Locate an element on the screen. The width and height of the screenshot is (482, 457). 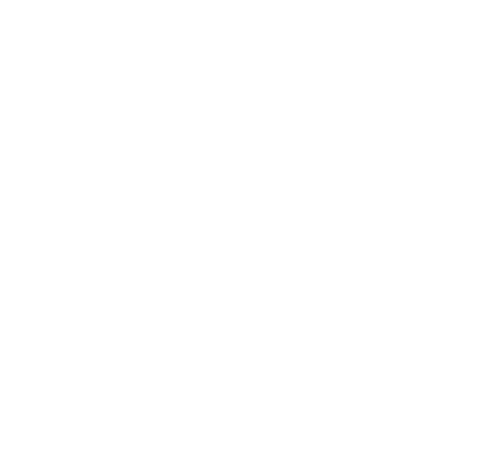
'Espita Mezcaleria' is located at coordinates (125, 239).